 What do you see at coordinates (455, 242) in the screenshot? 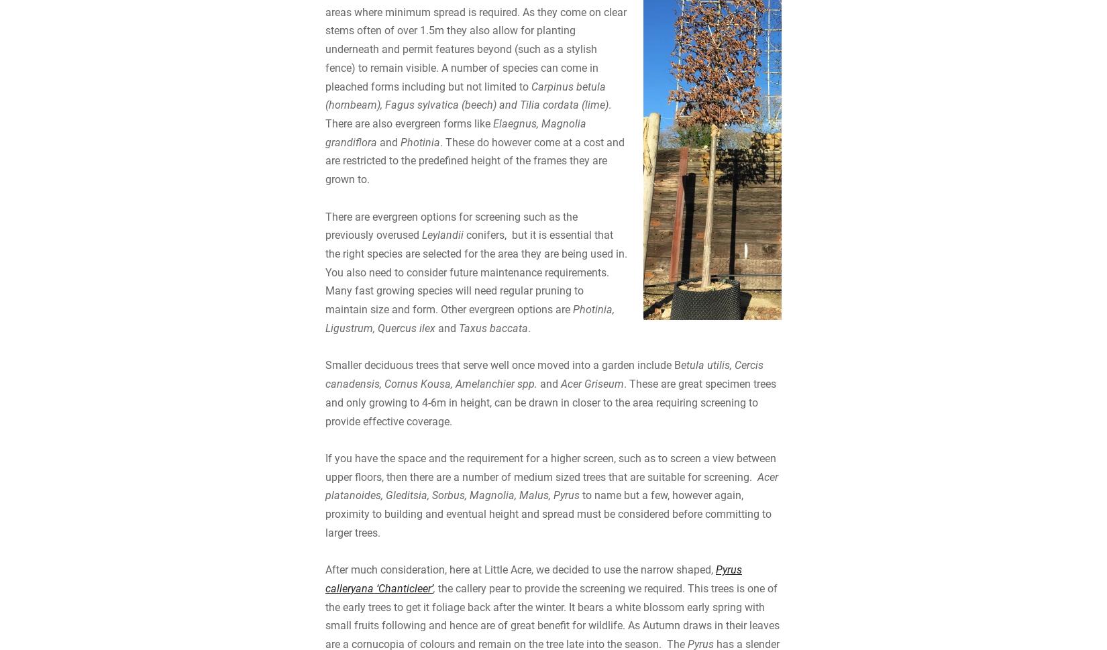
I see `'Elaegnus, Magnolia grandiflora'` at bounding box center [455, 242].